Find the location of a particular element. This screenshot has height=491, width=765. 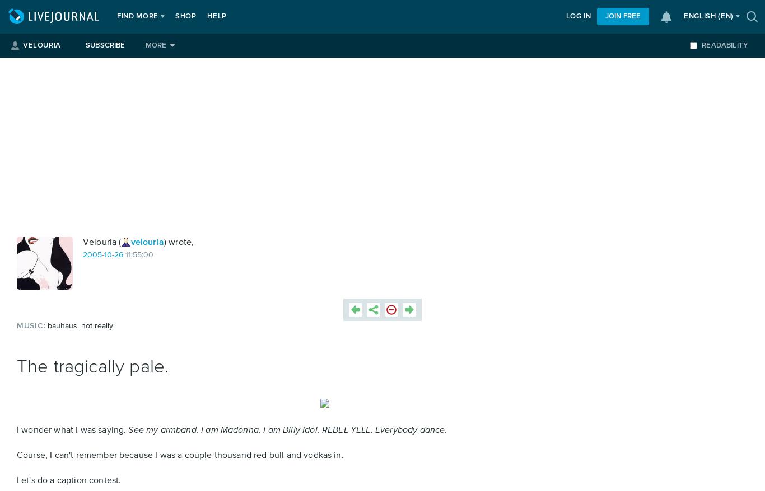

'Music:' is located at coordinates (31, 325).